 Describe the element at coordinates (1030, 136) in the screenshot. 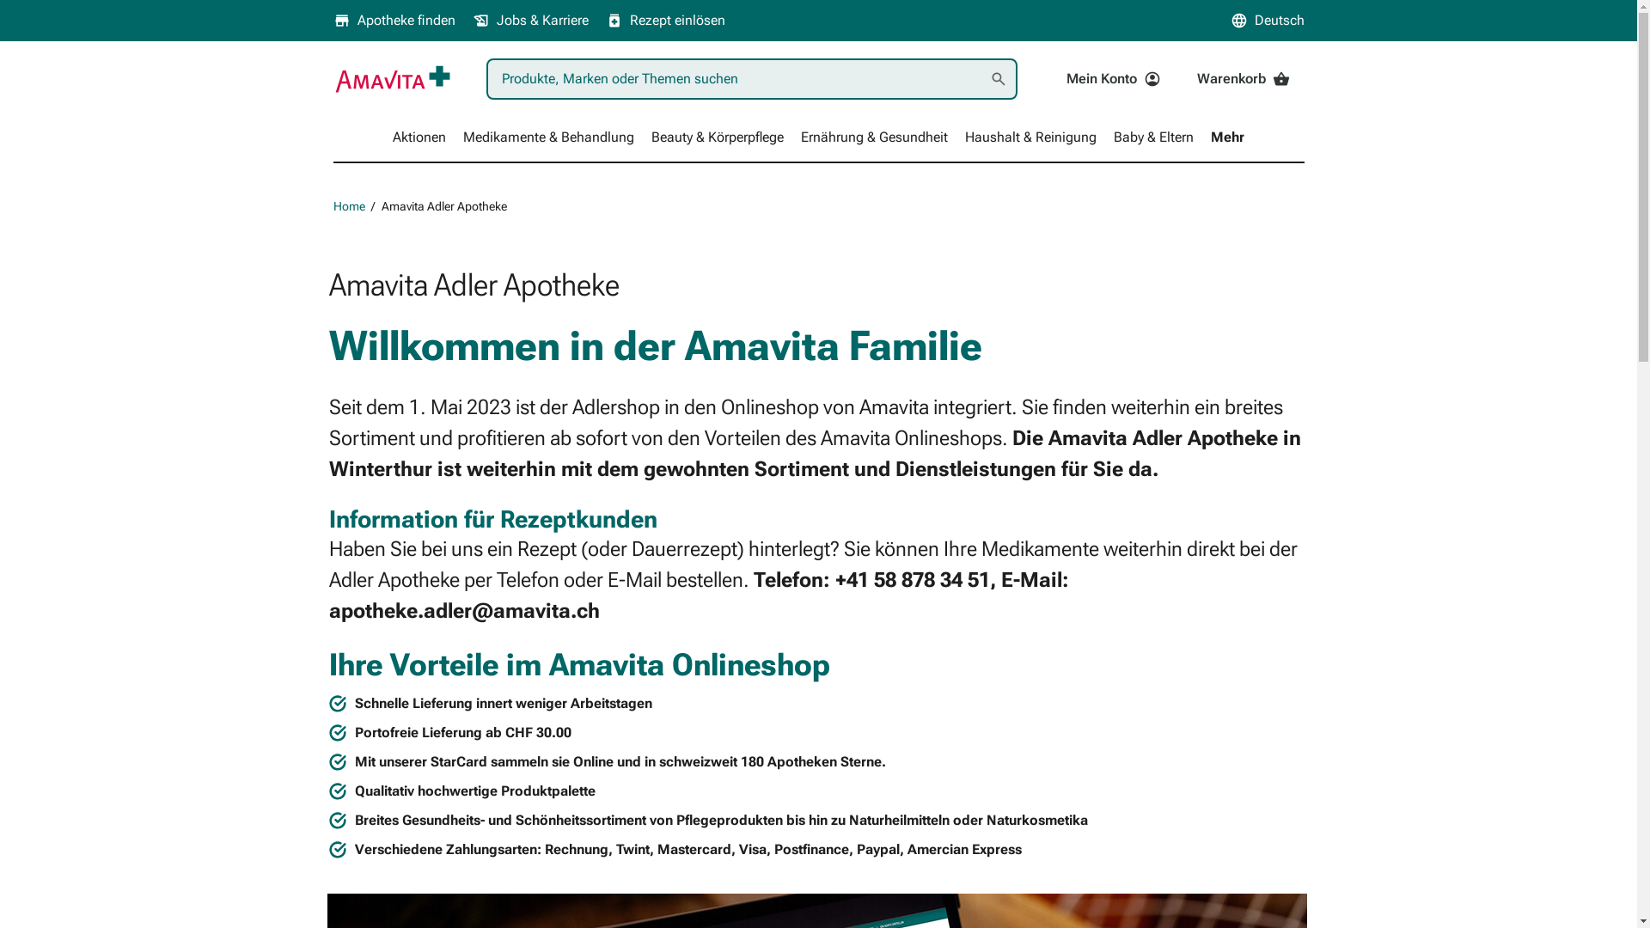

I see `'Haushalt & Reinigung'` at that location.